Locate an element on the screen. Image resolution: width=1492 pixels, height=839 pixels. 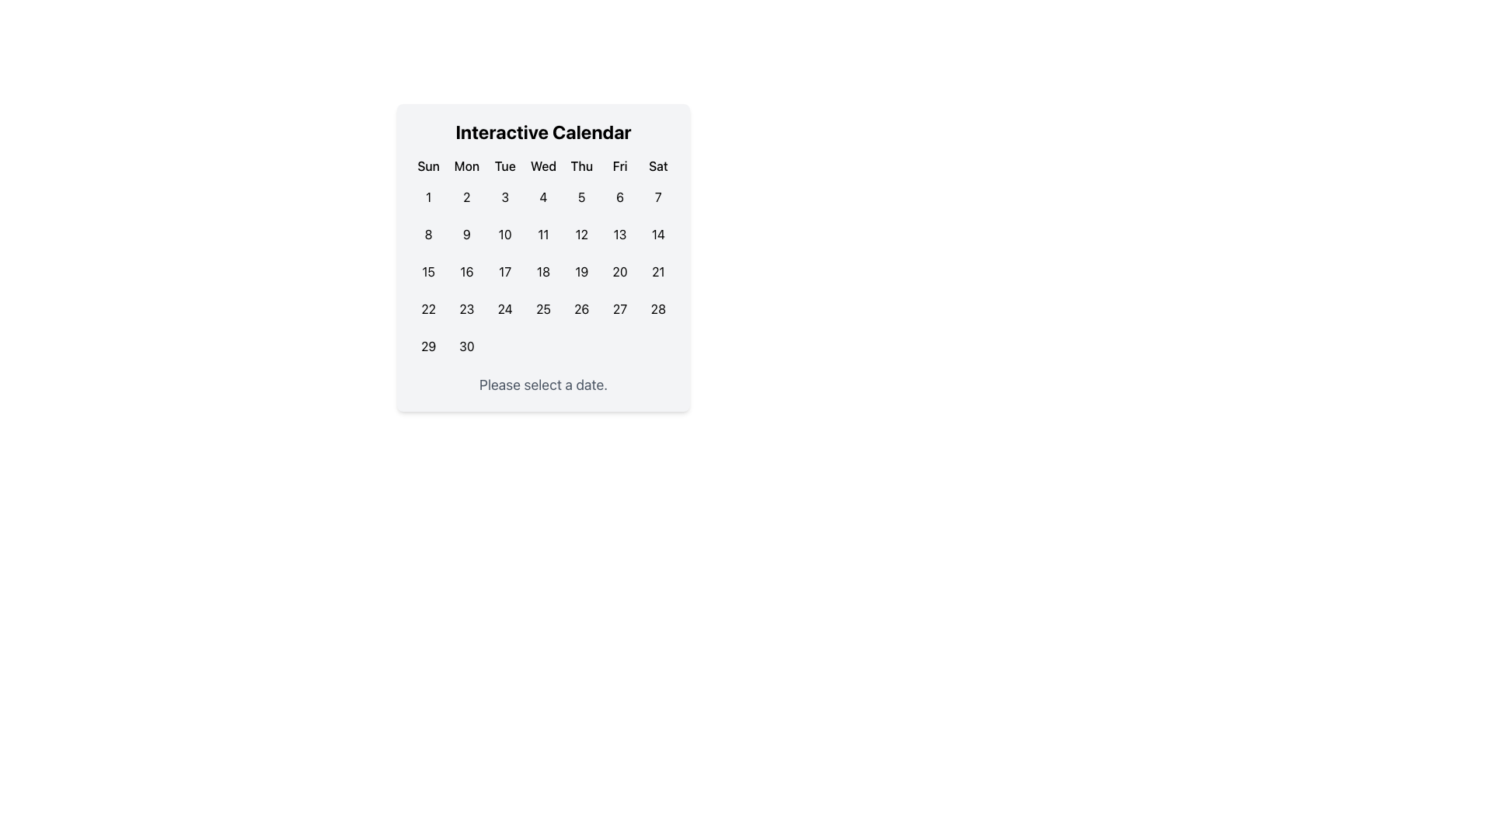
the Interactive calendar day item displaying the number '2', located in the first row under the 'Mon' column is located at coordinates (465, 197).